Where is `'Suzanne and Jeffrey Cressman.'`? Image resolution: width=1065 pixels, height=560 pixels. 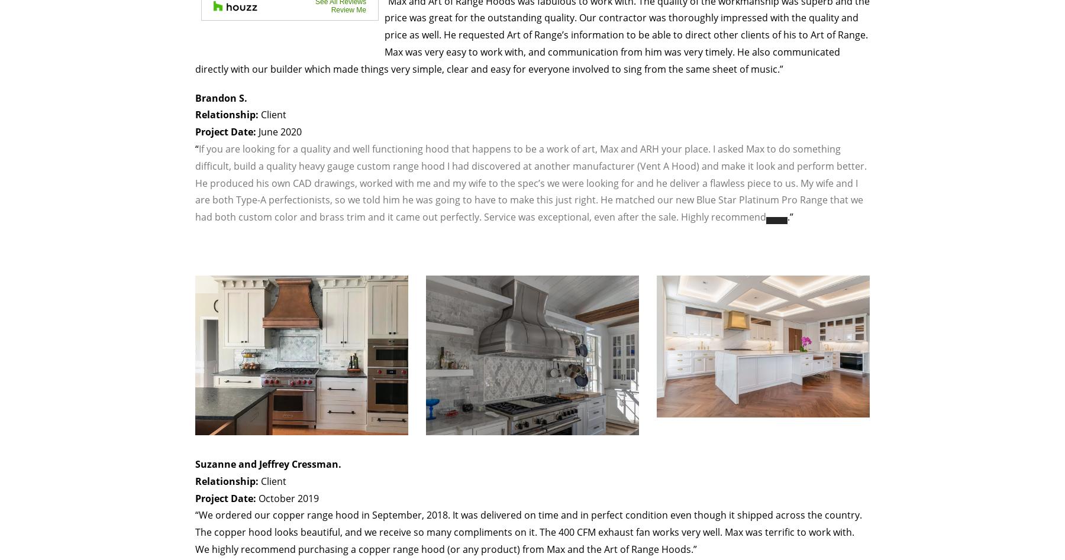
'Suzanne and Jeffrey Cressman.' is located at coordinates (267, 464).